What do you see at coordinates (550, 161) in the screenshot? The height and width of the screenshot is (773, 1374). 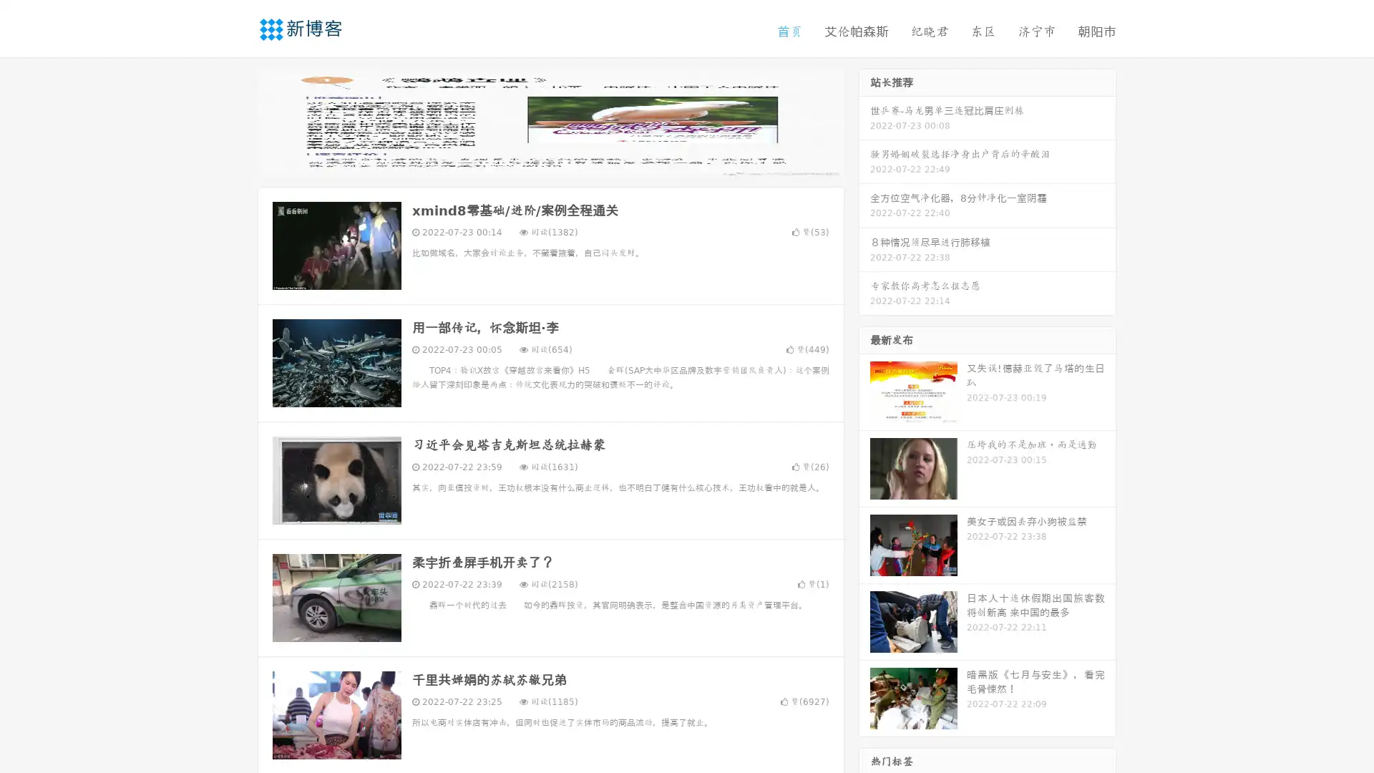 I see `Go to slide 2` at bounding box center [550, 161].